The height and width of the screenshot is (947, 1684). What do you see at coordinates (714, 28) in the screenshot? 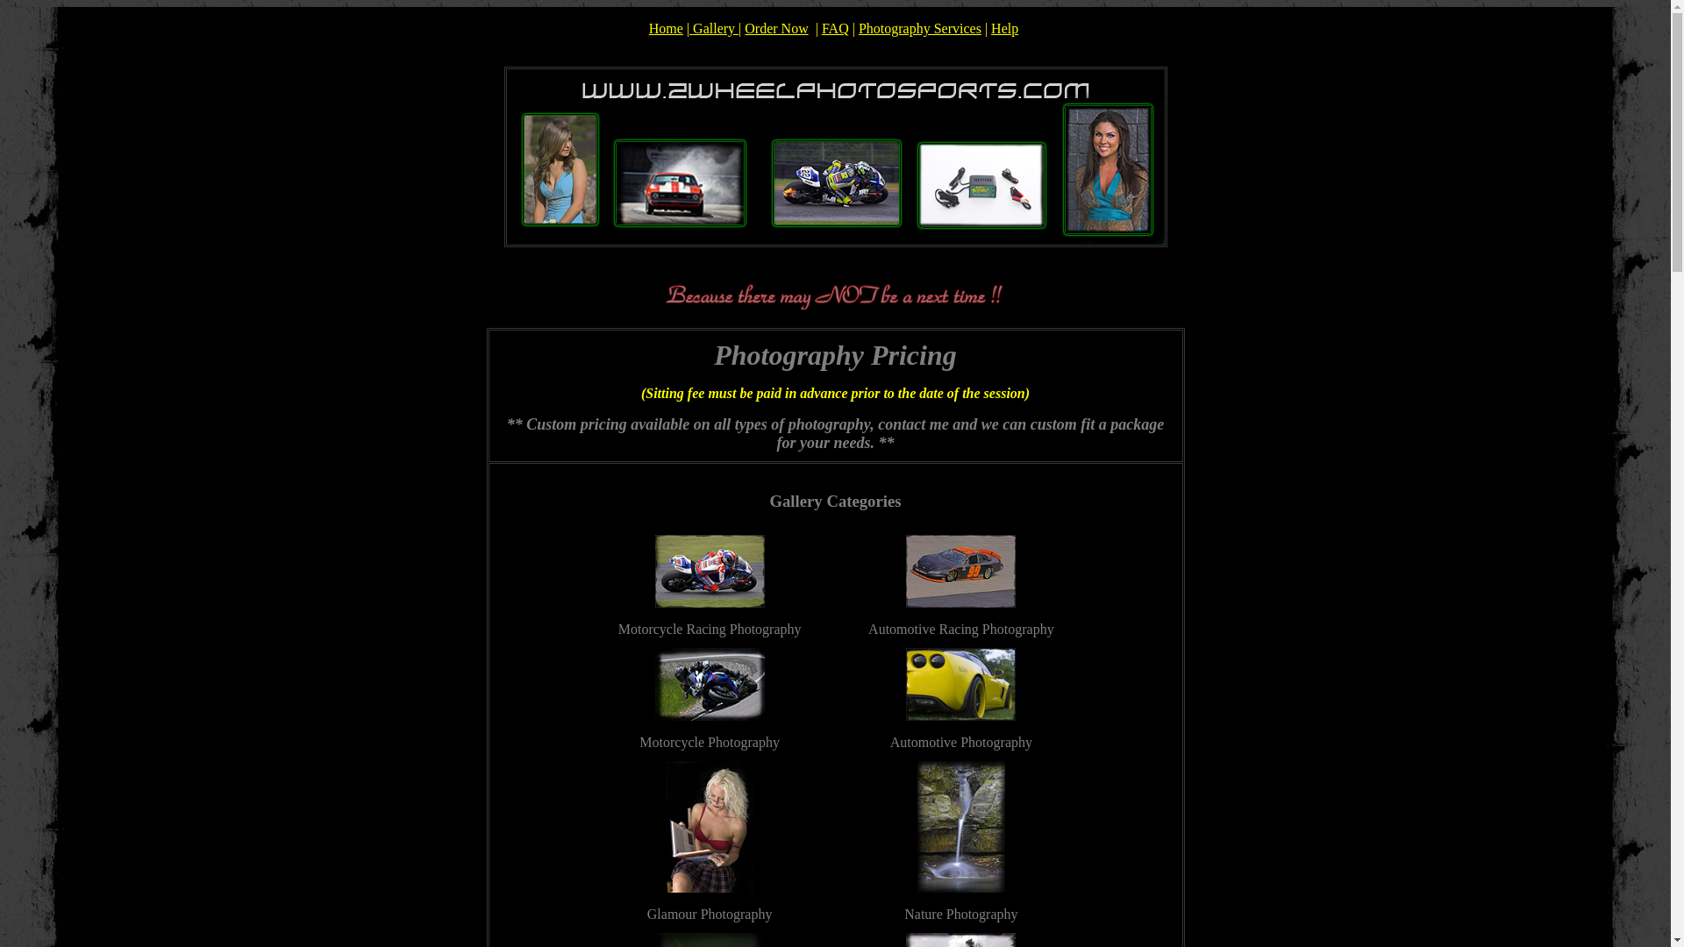
I see `'Gallery'` at bounding box center [714, 28].